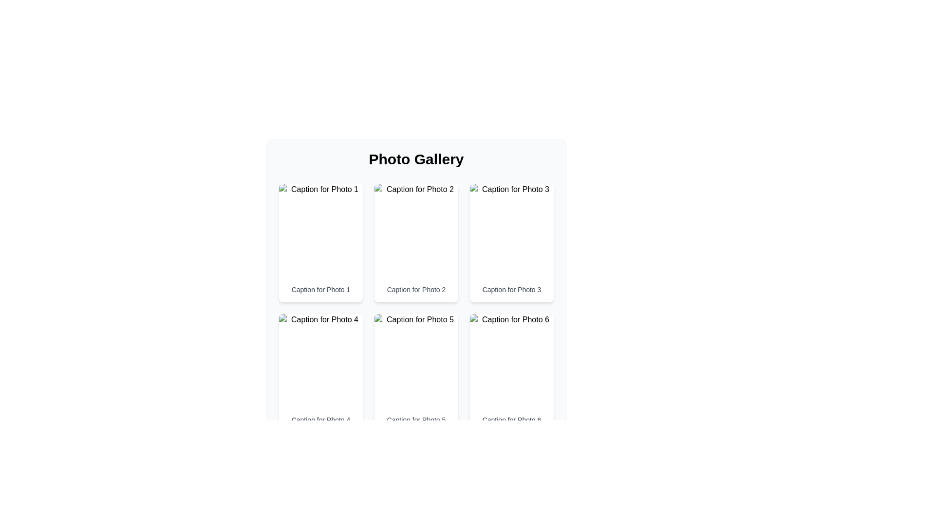  I want to click on the image in the card displaying 'Caption for Photo 4', so click(320, 372).